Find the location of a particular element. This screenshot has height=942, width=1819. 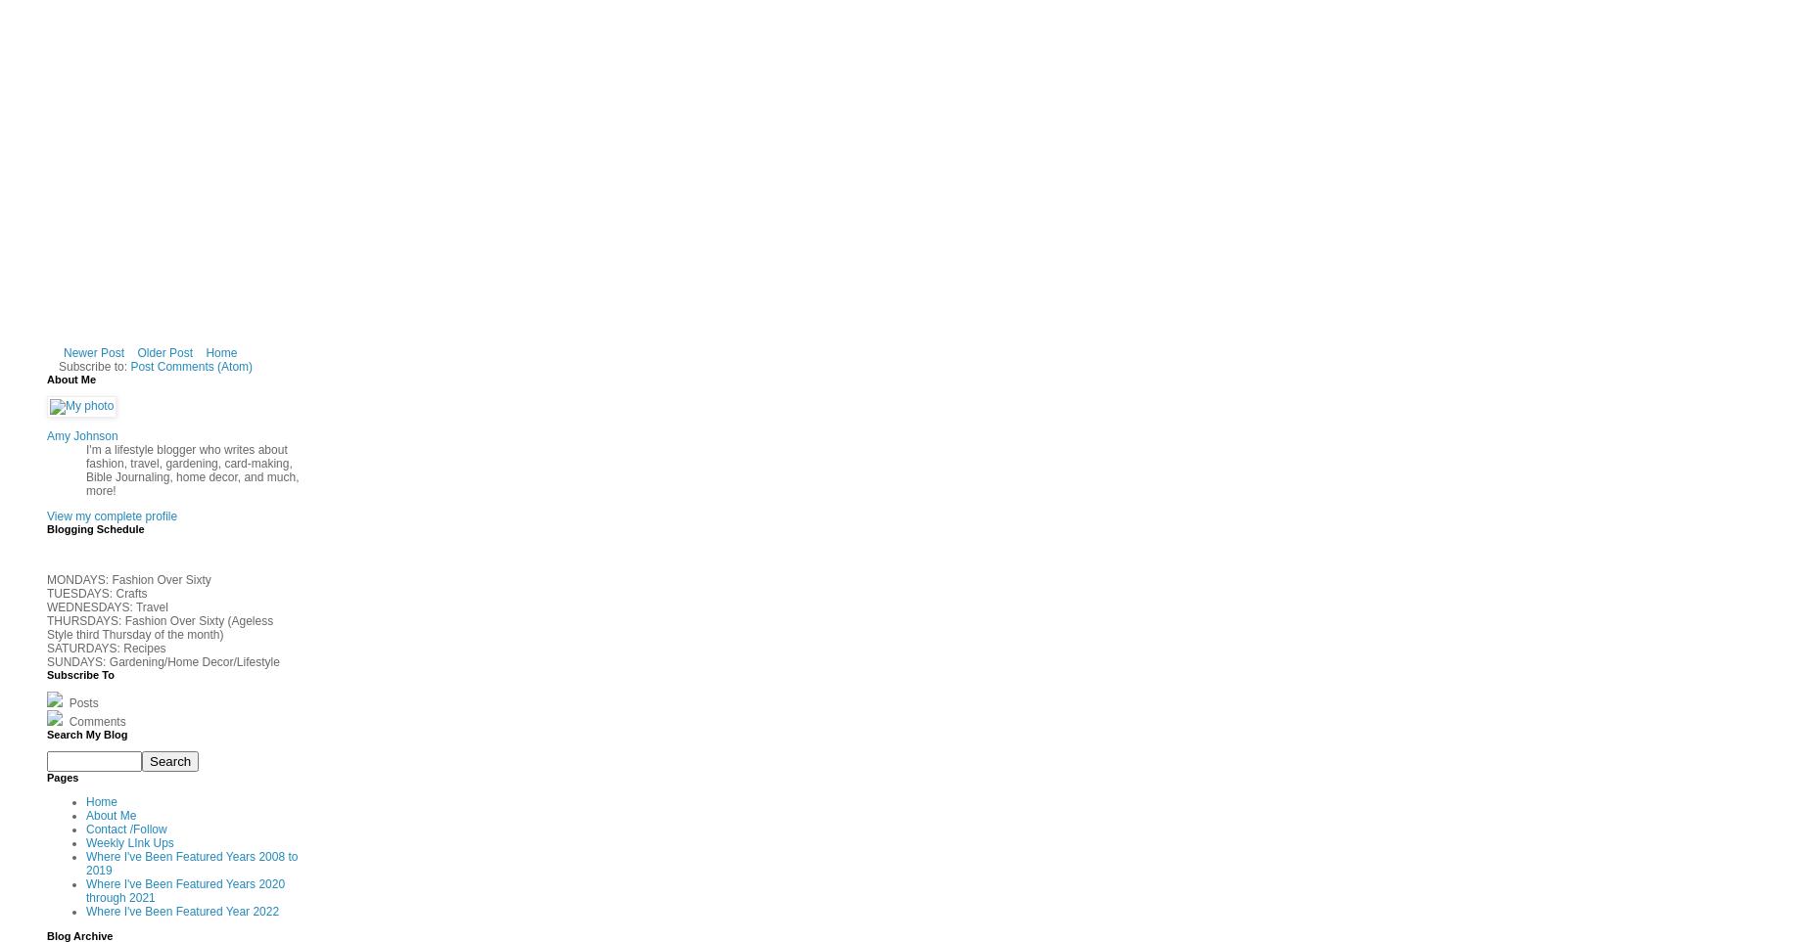

'Subscribe To' is located at coordinates (78, 674).